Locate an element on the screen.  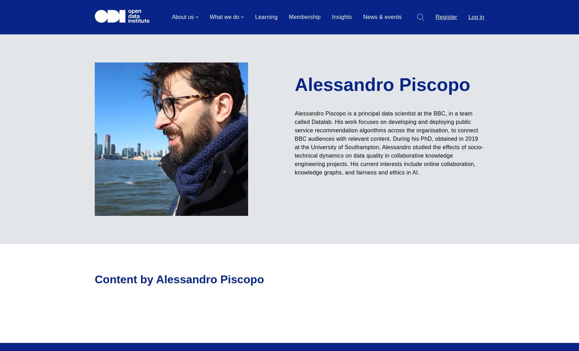
'Content by
Alessandro Piscopo' is located at coordinates (179, 279).